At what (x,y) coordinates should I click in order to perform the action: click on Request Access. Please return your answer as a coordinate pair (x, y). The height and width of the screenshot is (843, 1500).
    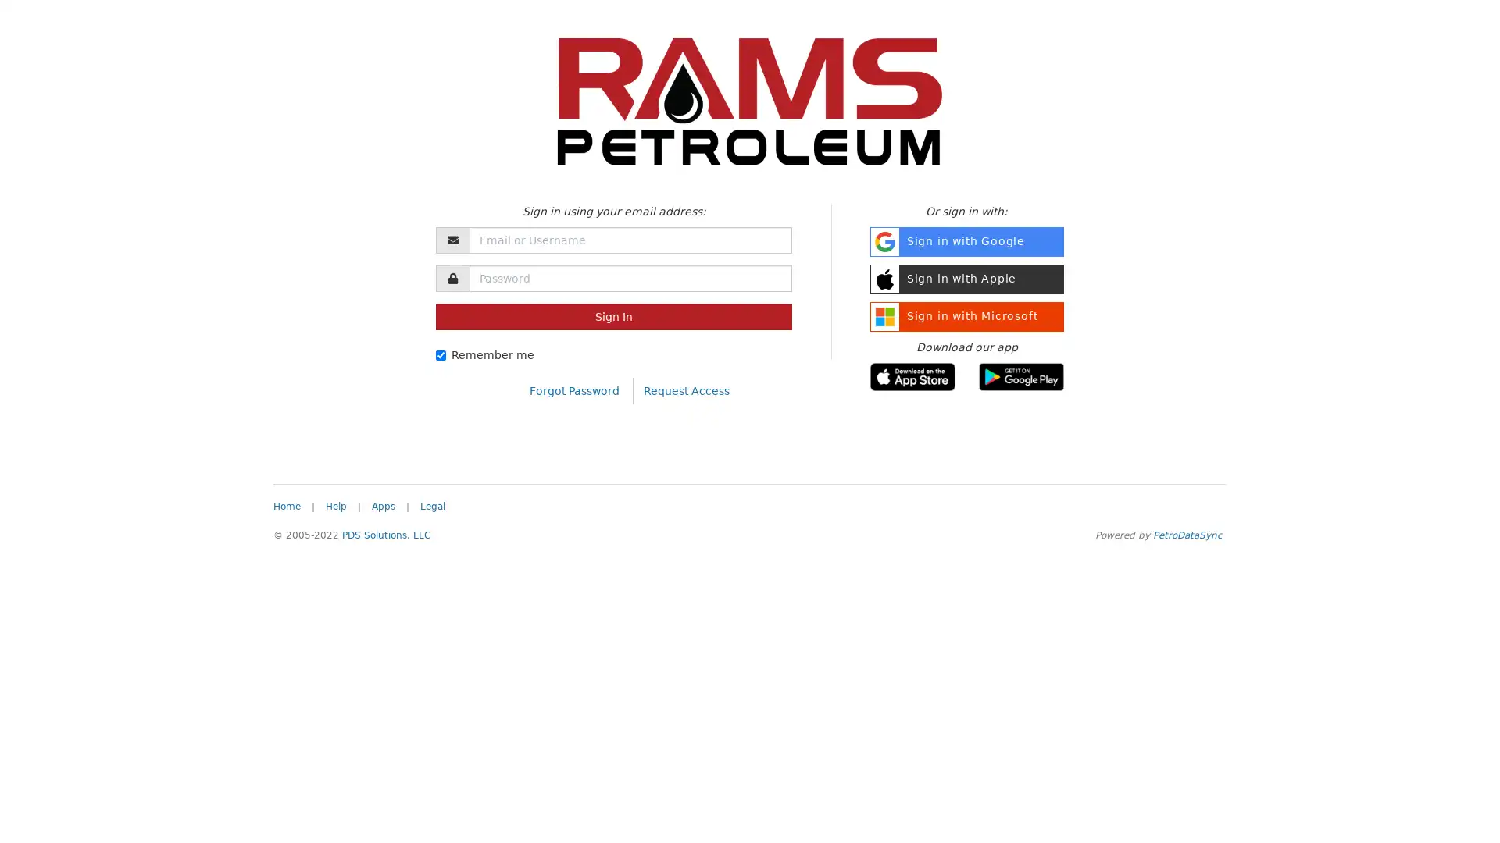
    Looking at the image, I should click on (686, 389).